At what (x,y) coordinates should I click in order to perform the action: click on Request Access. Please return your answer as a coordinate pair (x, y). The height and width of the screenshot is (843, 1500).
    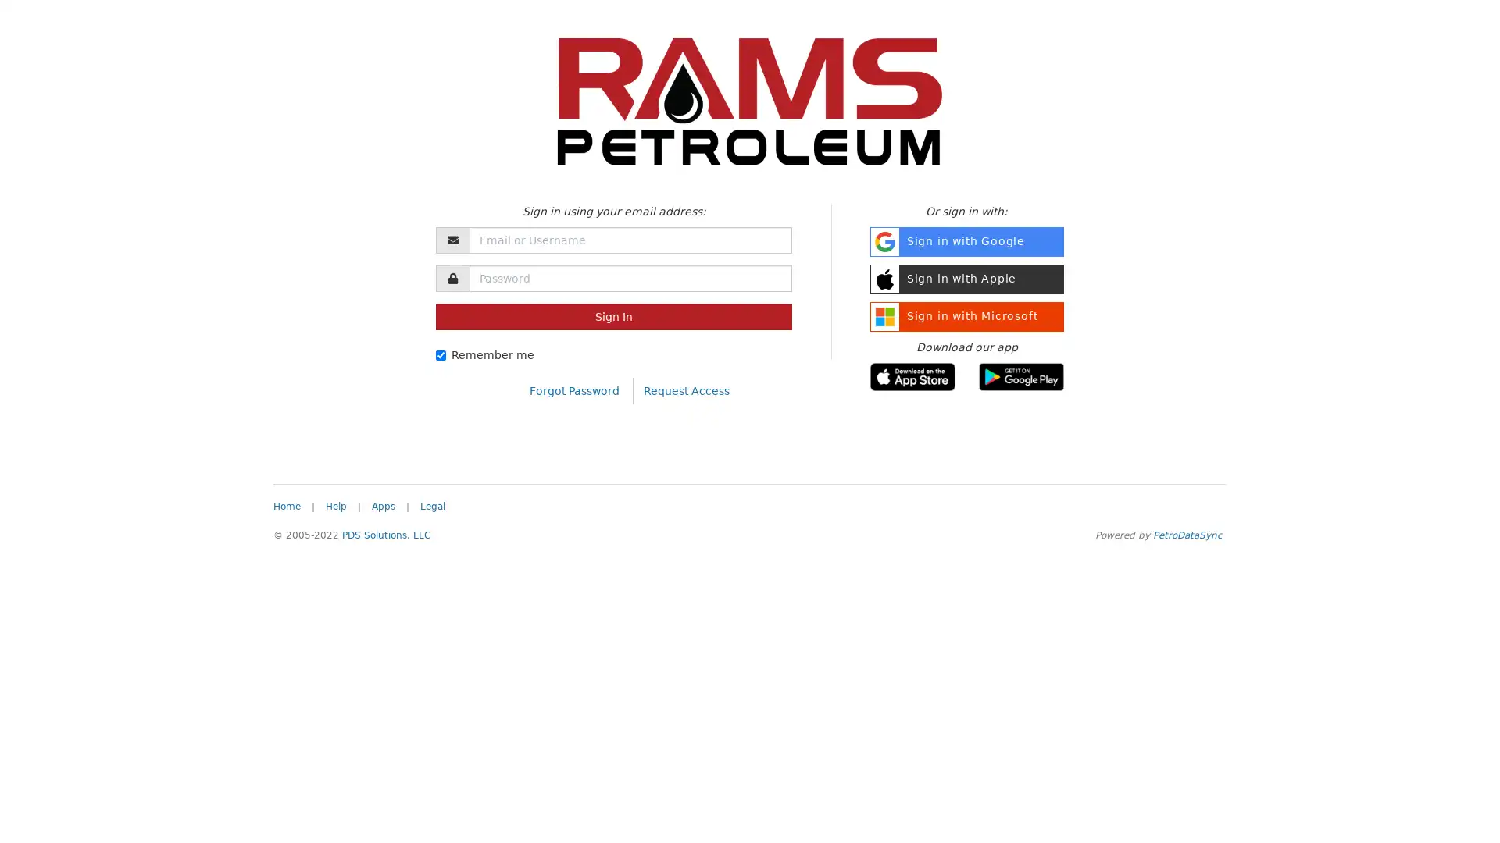
    Looking at the image, I should click on (686, 389).